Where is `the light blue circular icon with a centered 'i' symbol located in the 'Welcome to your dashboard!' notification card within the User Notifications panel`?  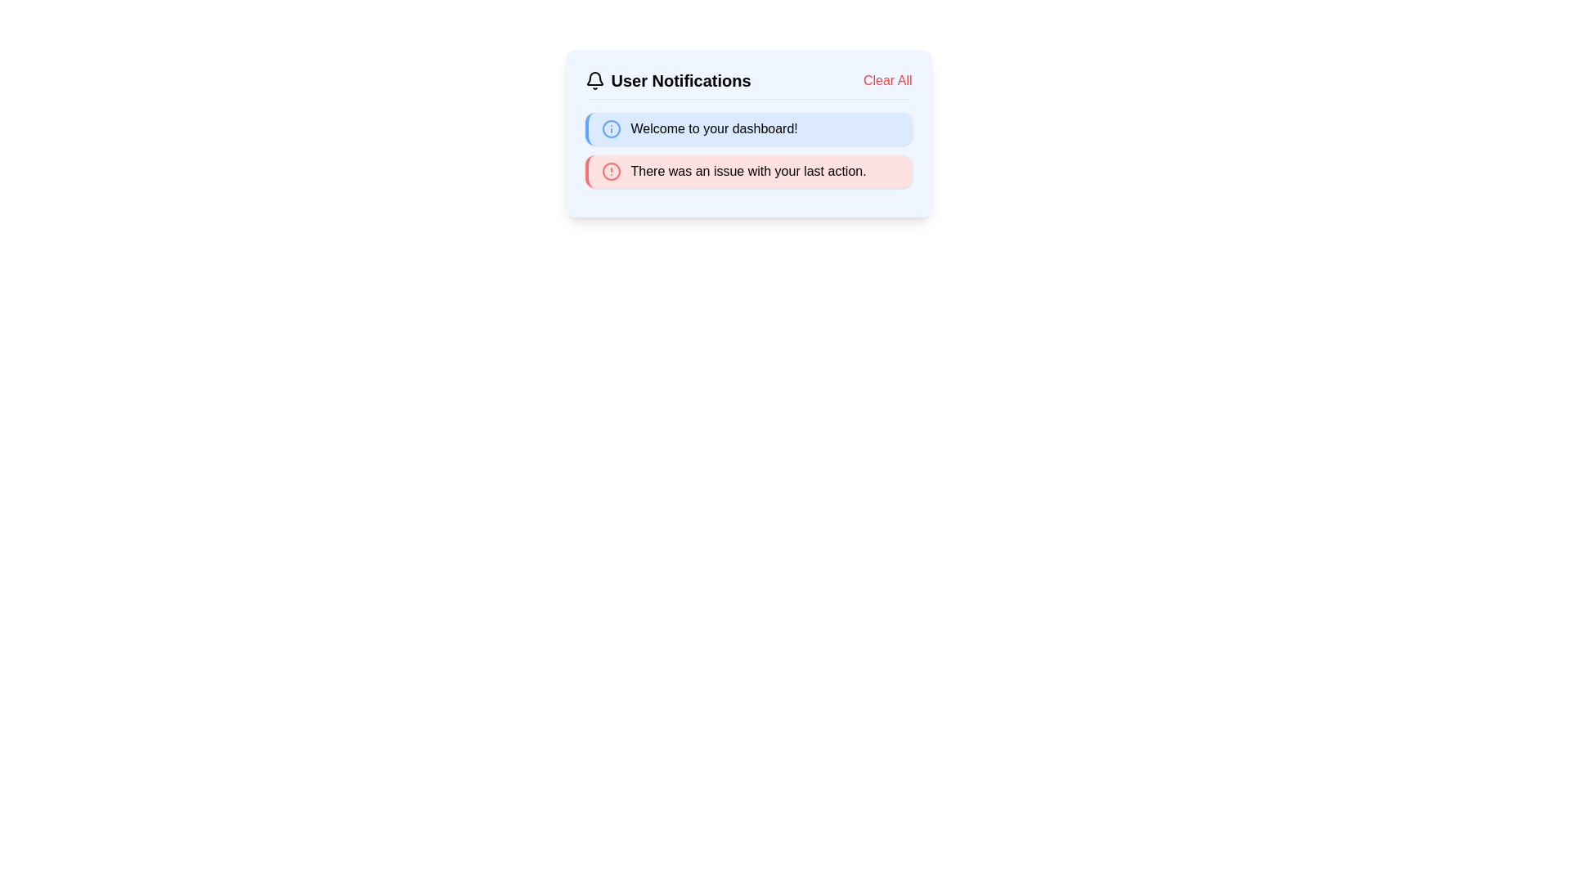 the light blue circular icon with a centered 'i' symbol located in the 'Welcome to your dashboard!' notification card within the User Notifications panel is located at coordinates (610, 128).